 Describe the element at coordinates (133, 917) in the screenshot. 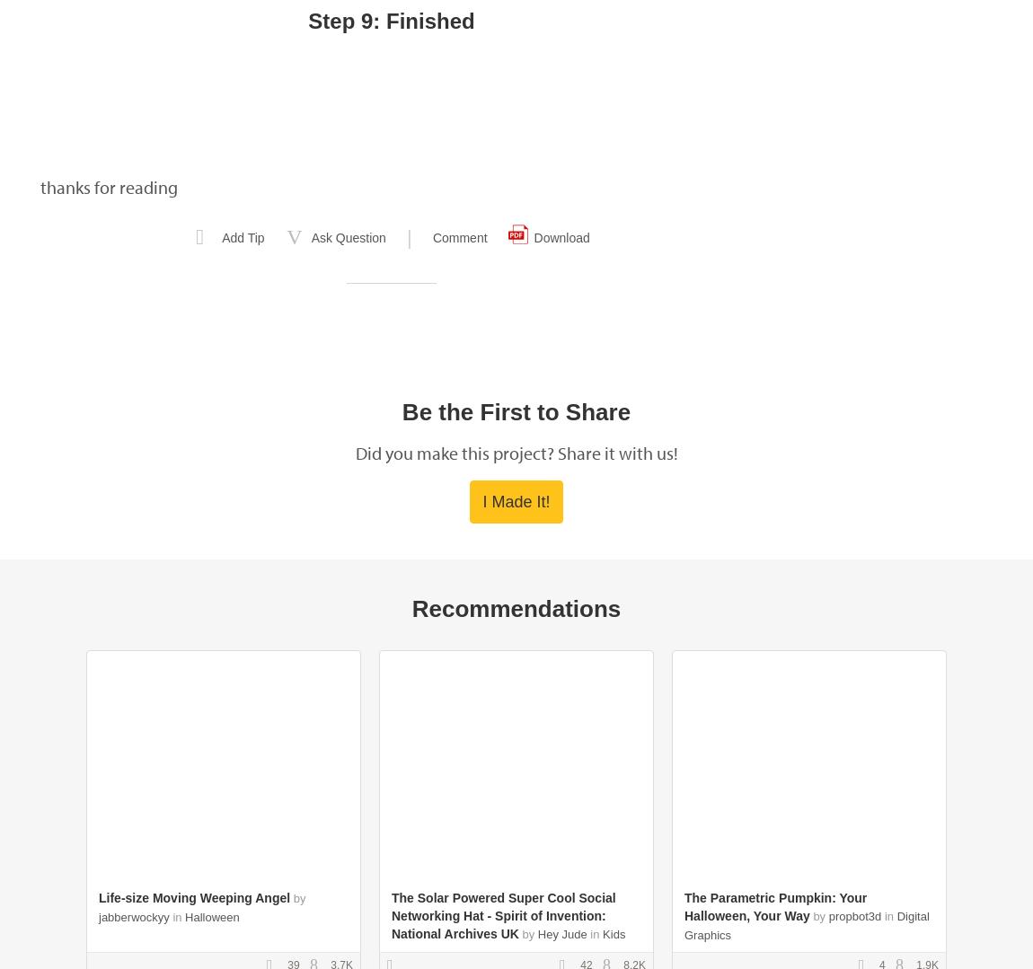

I see `'jabberwockyy'` at that location.